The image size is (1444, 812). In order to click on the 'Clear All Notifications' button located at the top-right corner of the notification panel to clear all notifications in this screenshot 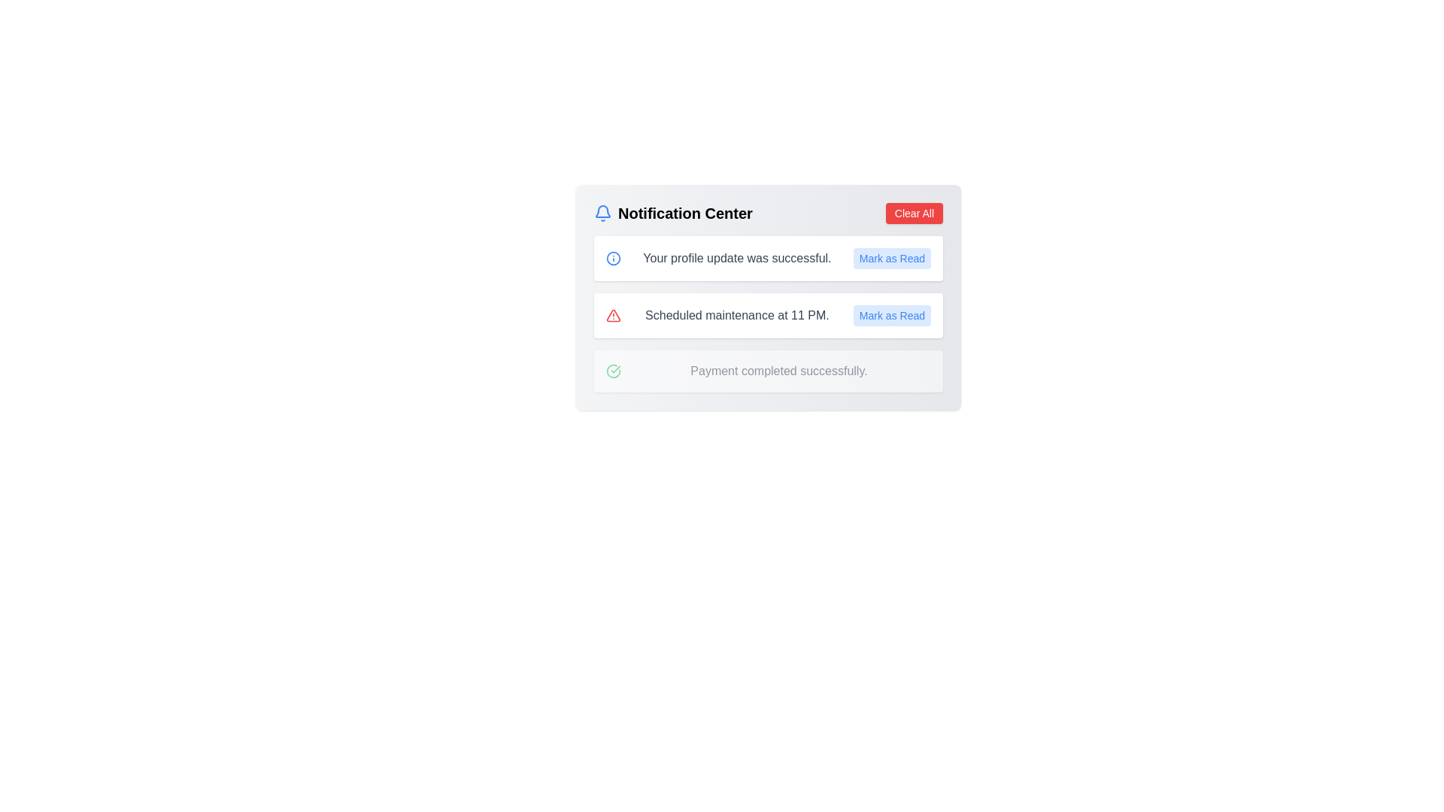, I will do `click(913, 214)`.